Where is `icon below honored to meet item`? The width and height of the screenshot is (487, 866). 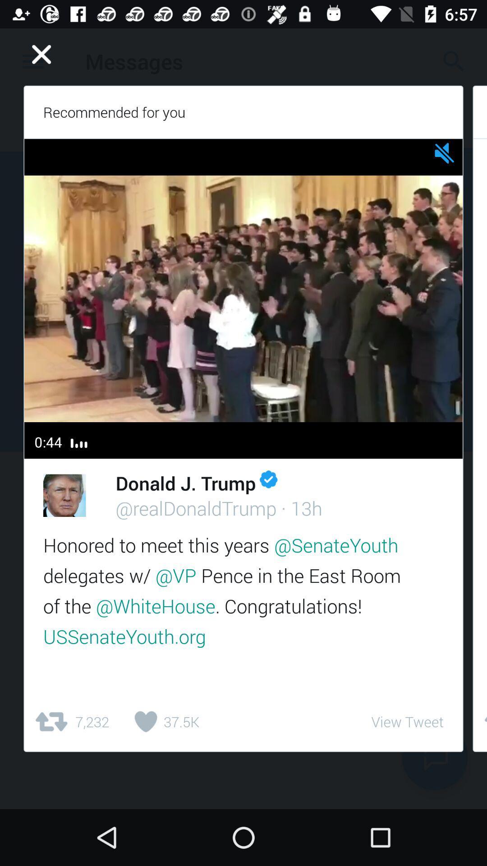
icon below honored to meet item is located at coordinates (71, 722).